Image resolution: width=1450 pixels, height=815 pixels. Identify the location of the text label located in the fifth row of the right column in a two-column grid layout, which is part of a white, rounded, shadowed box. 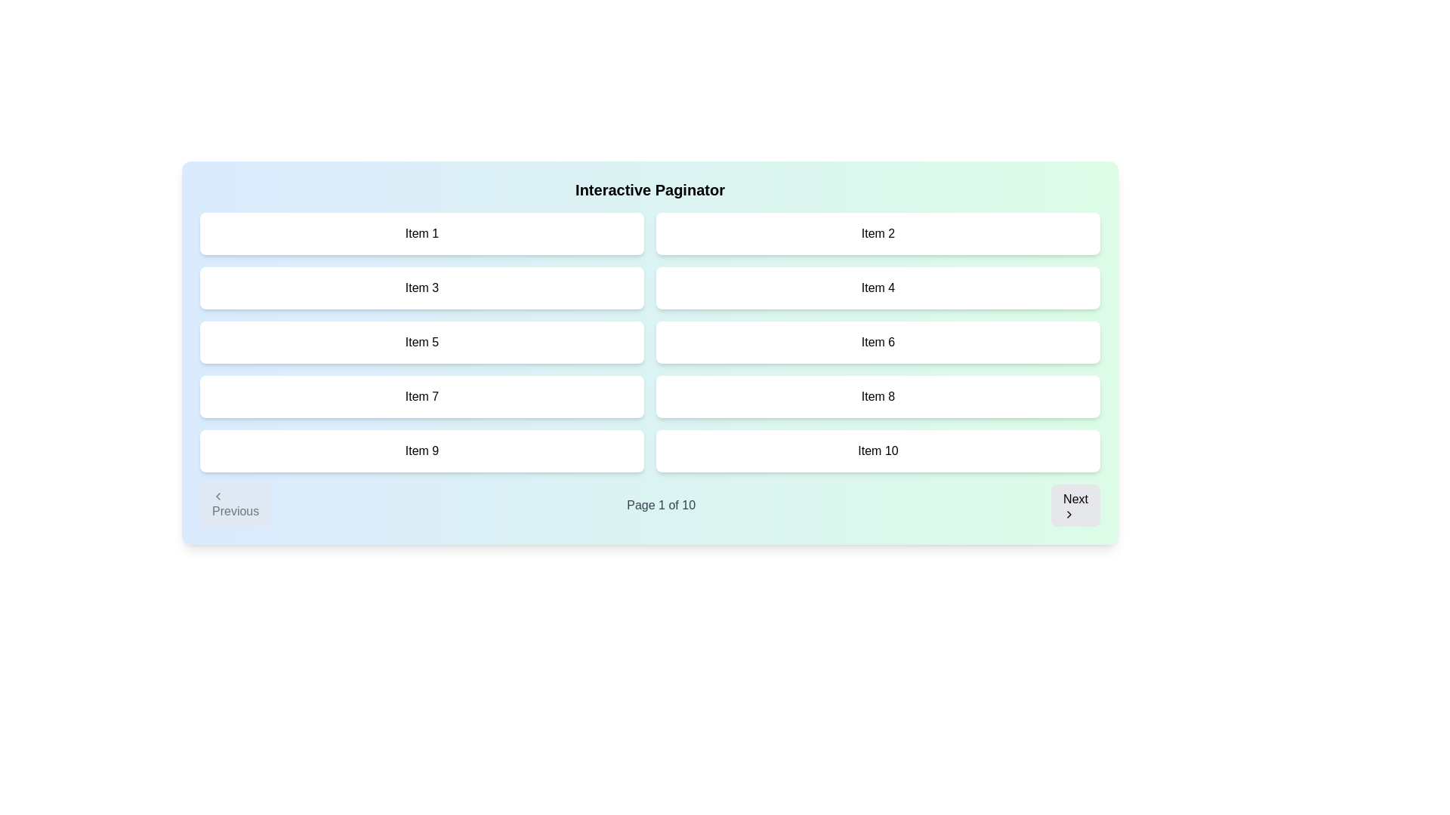
(878, 450).